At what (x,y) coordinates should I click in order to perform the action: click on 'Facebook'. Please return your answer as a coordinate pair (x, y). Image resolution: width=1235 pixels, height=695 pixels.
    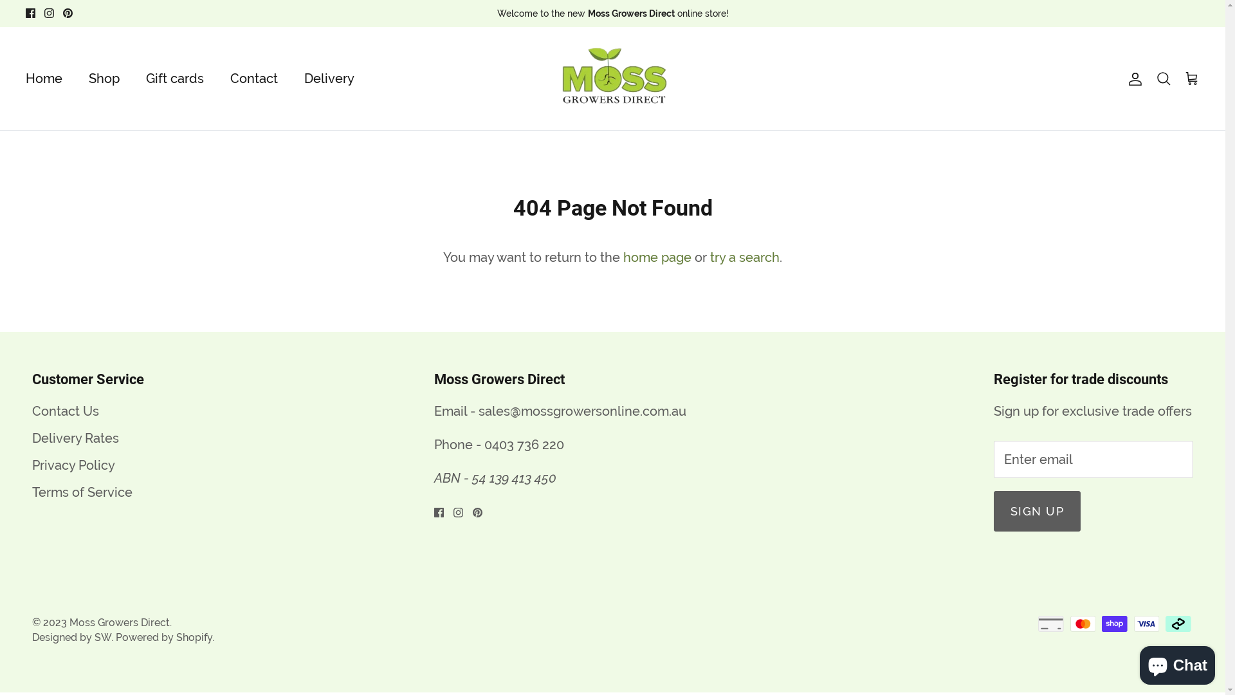
    Looking at the image, I should click on (438, 512).